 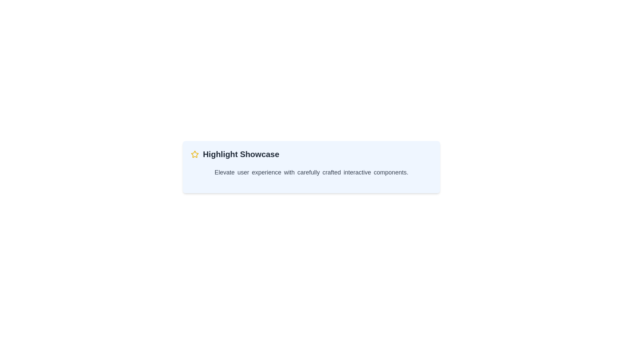 What do you see at coordinates (308, 172) in the screenshot?
I see `the static text element containing the word 'carefully', which has a green background hover effect and is the fifth word in the line 'Elevate user experience with carefully crafted interactive components.'` at bounding box center [308, 172].